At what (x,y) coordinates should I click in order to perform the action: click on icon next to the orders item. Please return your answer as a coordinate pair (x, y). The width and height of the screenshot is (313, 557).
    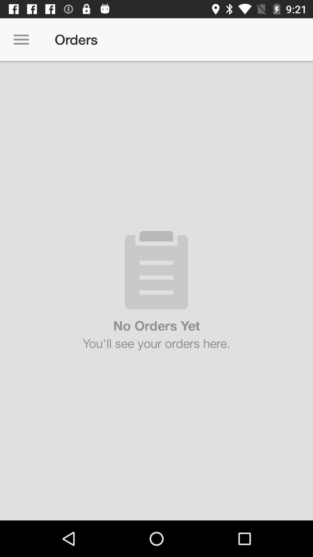
    Looking at the image, I should click on (21, 39).